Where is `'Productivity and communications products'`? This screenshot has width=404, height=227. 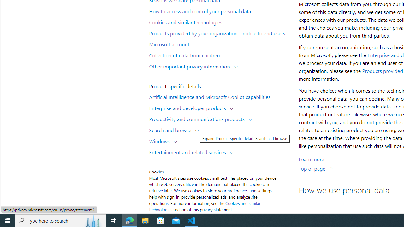 'Productivity and communications products' is located at coordinates (198, 119).